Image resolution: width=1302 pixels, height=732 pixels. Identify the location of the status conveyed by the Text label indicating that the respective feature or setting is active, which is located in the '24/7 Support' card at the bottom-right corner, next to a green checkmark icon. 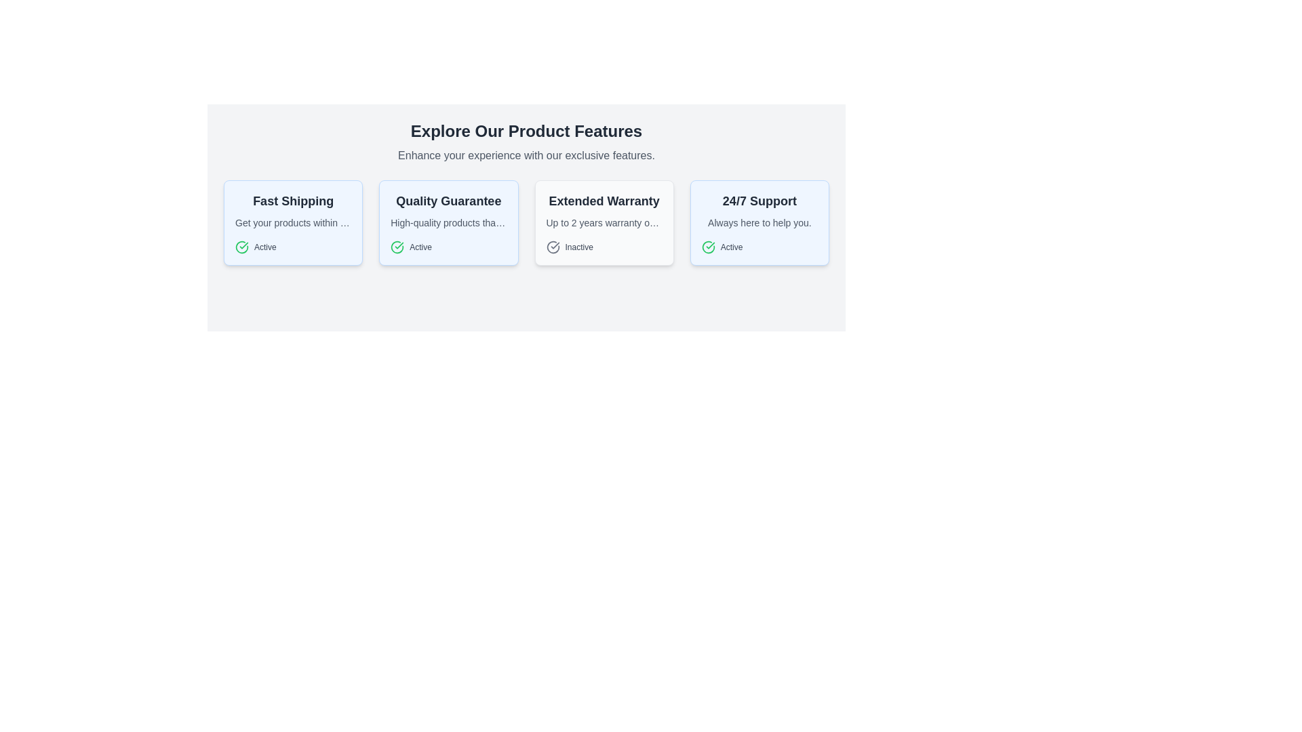
(420, 247).